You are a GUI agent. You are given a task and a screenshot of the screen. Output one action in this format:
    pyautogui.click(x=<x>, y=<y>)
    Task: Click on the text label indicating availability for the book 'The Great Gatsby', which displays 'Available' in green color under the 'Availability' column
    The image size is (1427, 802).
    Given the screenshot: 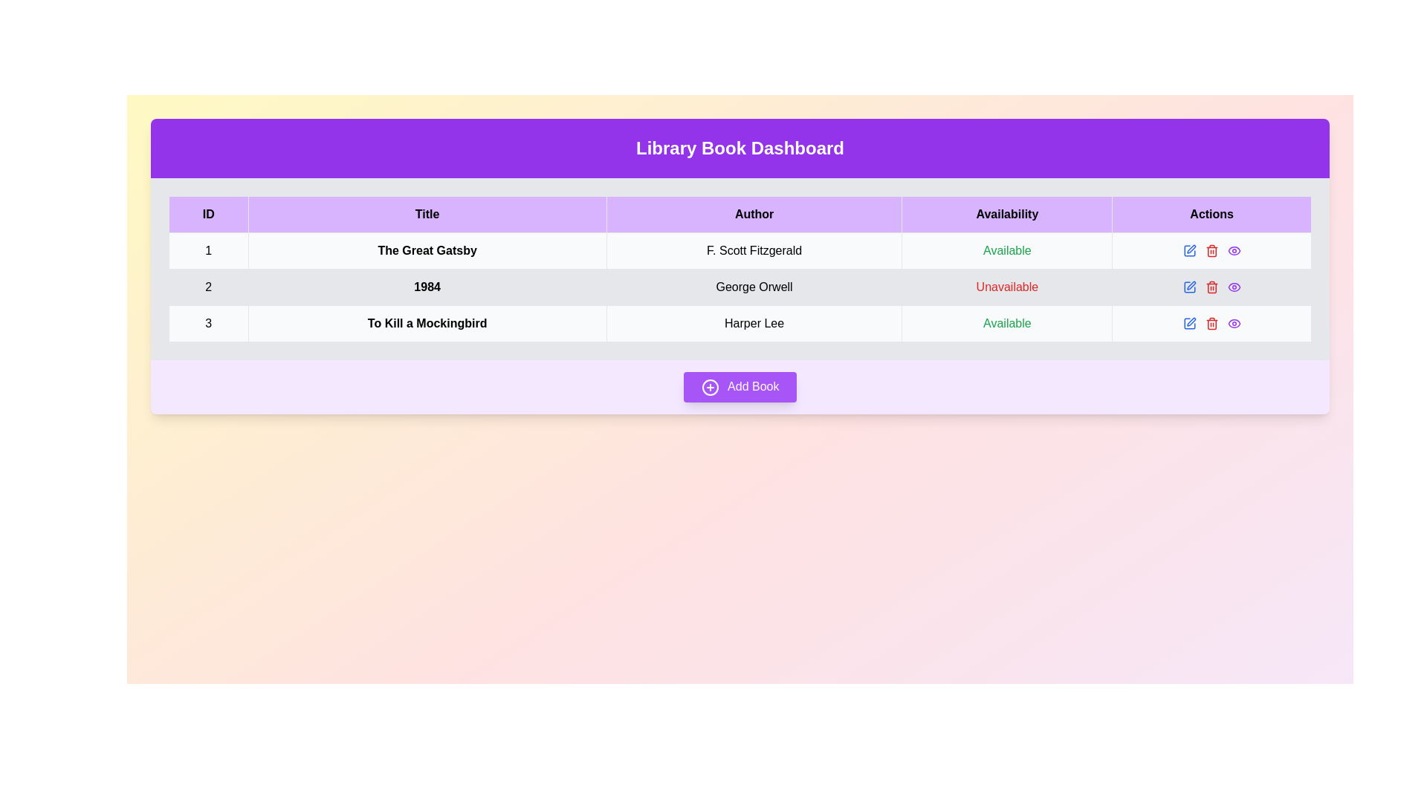 What is the action you would take?
    pyautogui.click(x=1007, y=250)
    